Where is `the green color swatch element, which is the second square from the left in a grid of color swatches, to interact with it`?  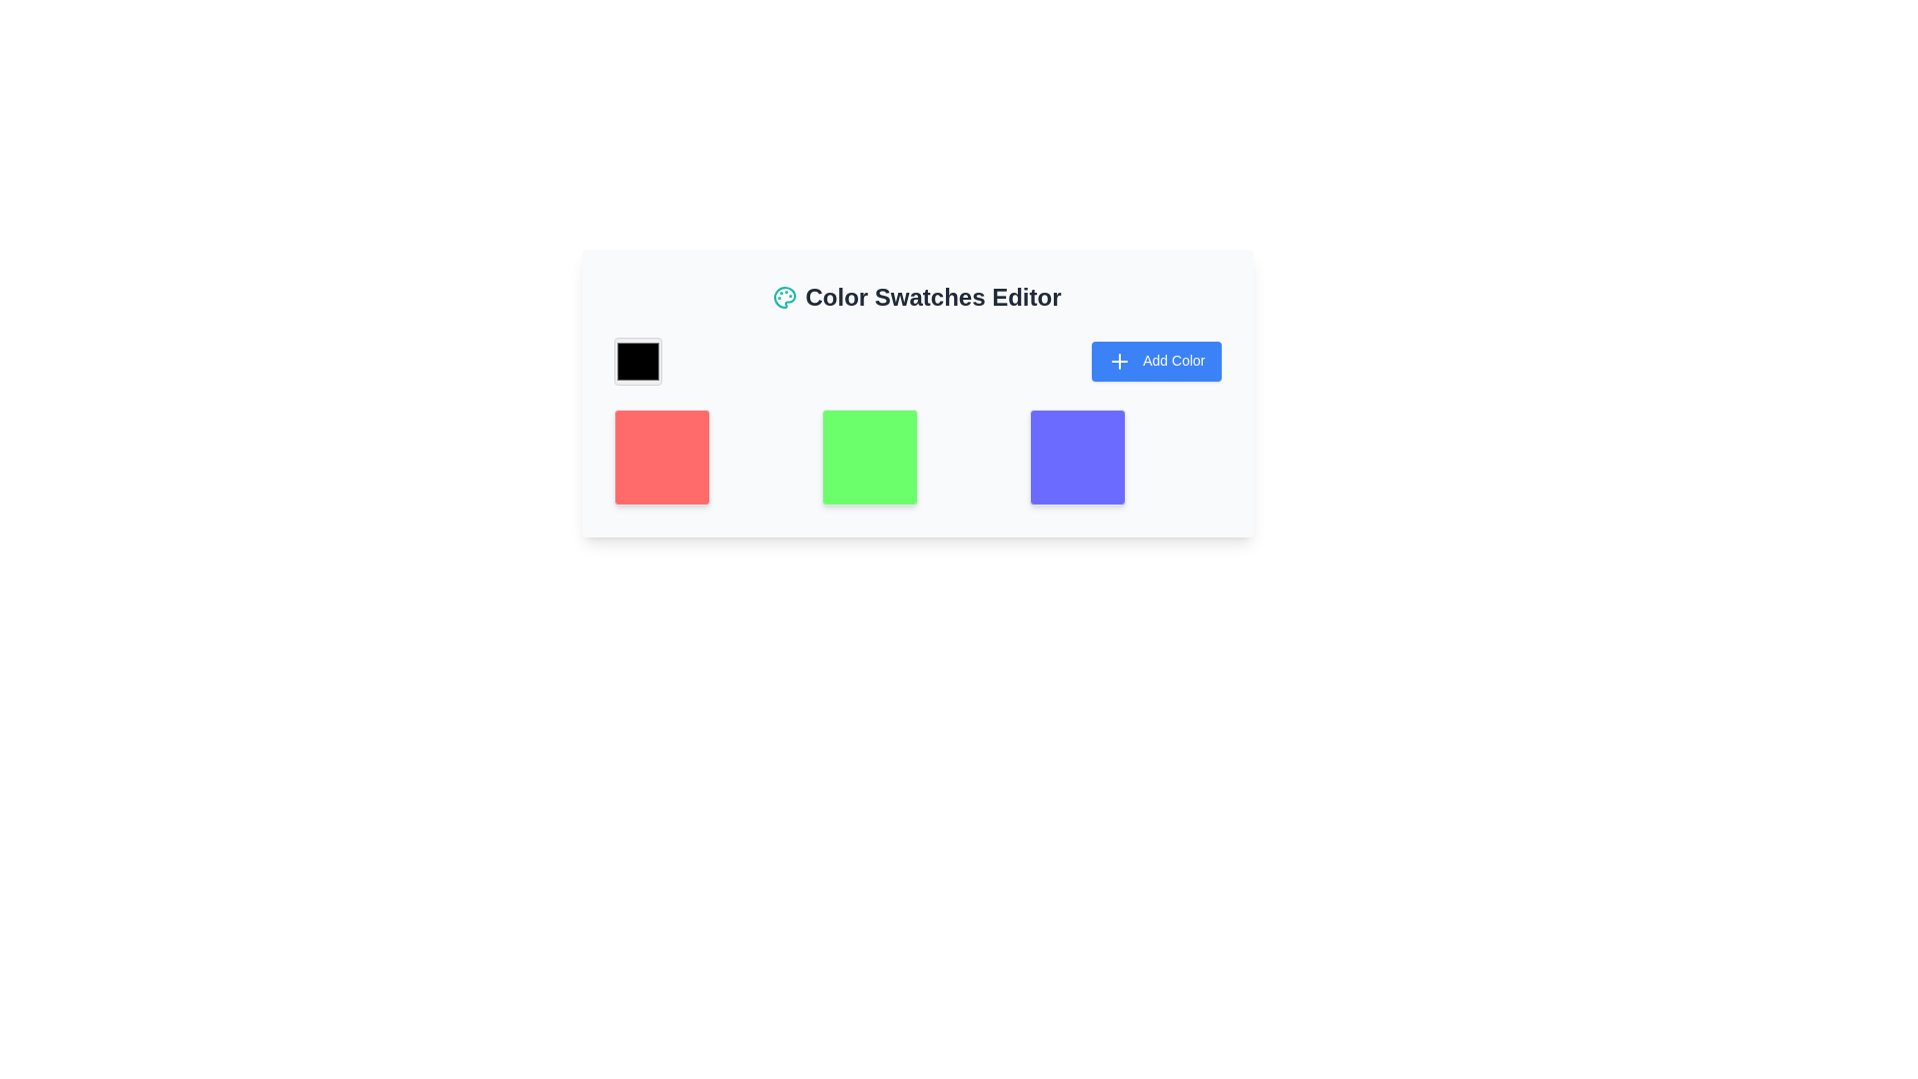 the green color swatch element, which is the second square from the left in a grid of color swatches, to interact with it is located at coordinates (916, 458).